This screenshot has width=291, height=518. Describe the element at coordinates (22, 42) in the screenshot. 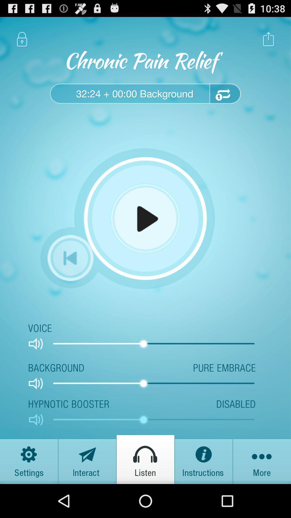

I see `the lock icon` at that location.